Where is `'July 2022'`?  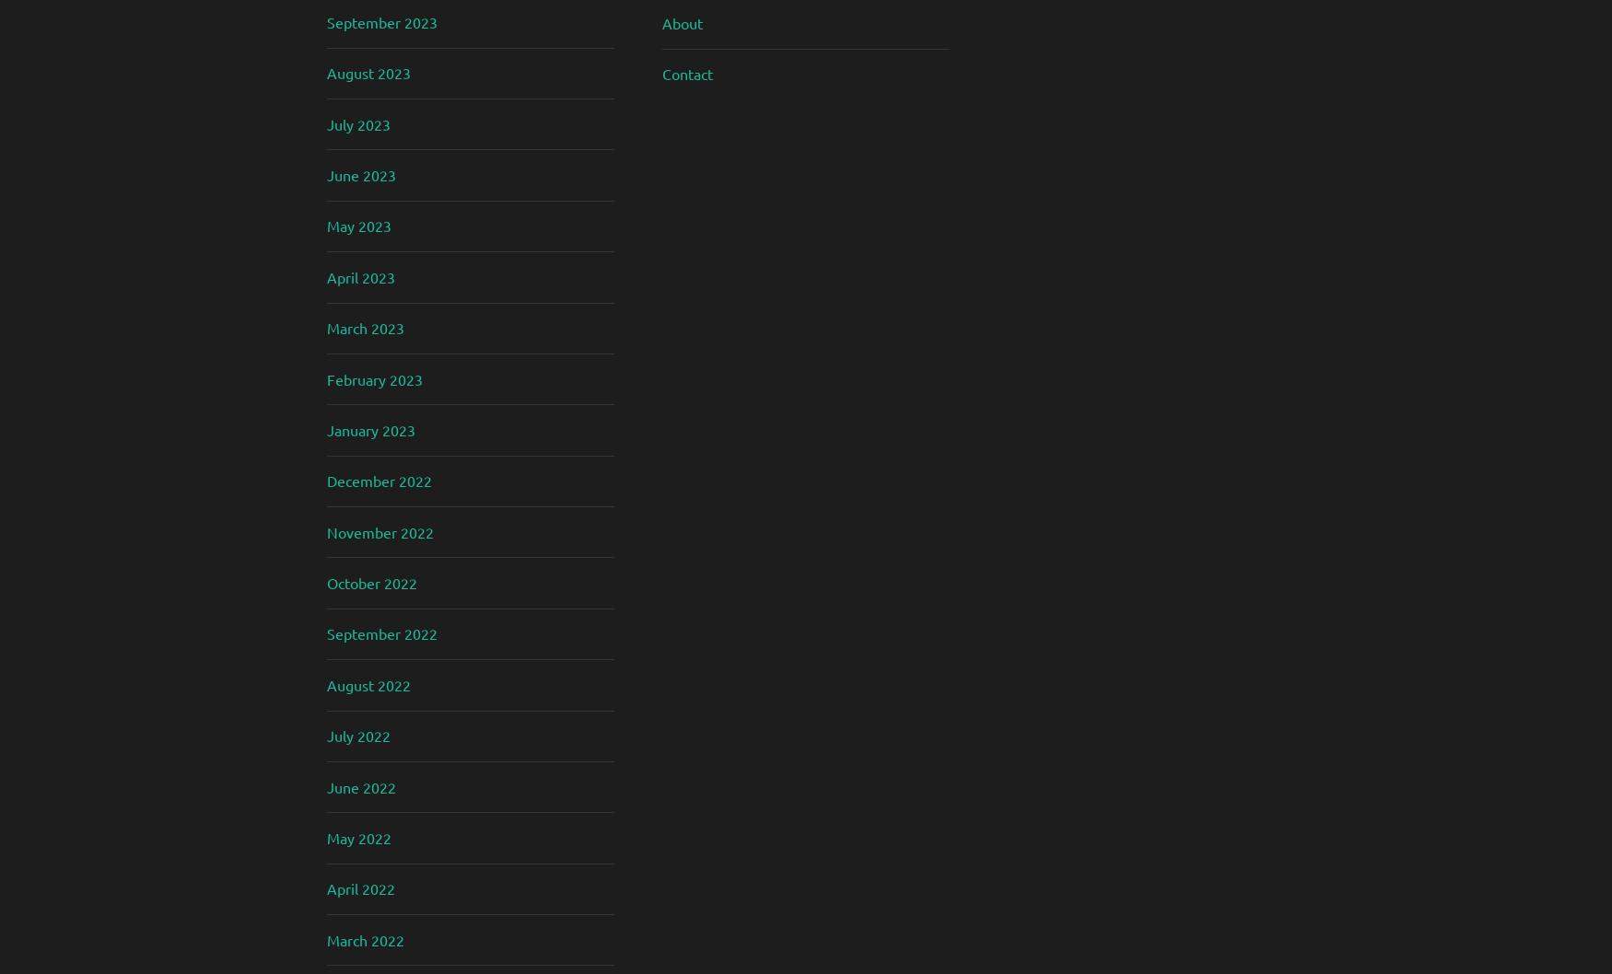
'July 2022' is located at coordinates (327, 735).